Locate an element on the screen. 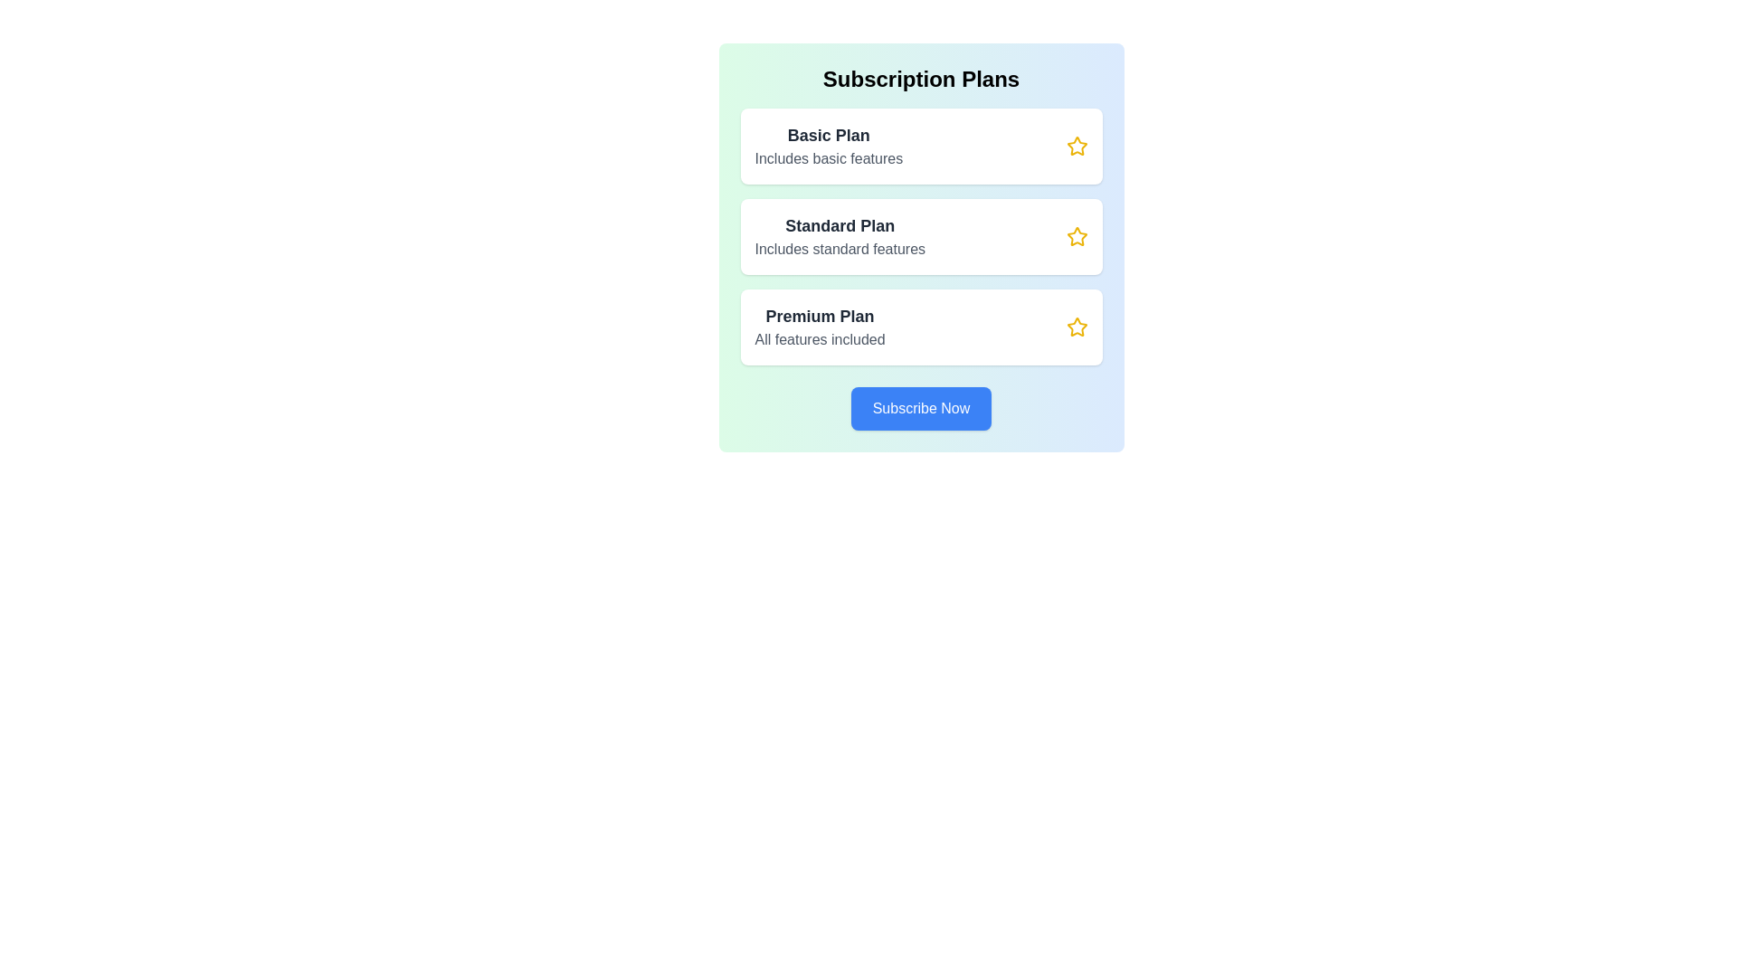 This screenshot has height=977, width=1737. the subscription plan named Premium Plan to view its details is located at coordinates (921, 327).